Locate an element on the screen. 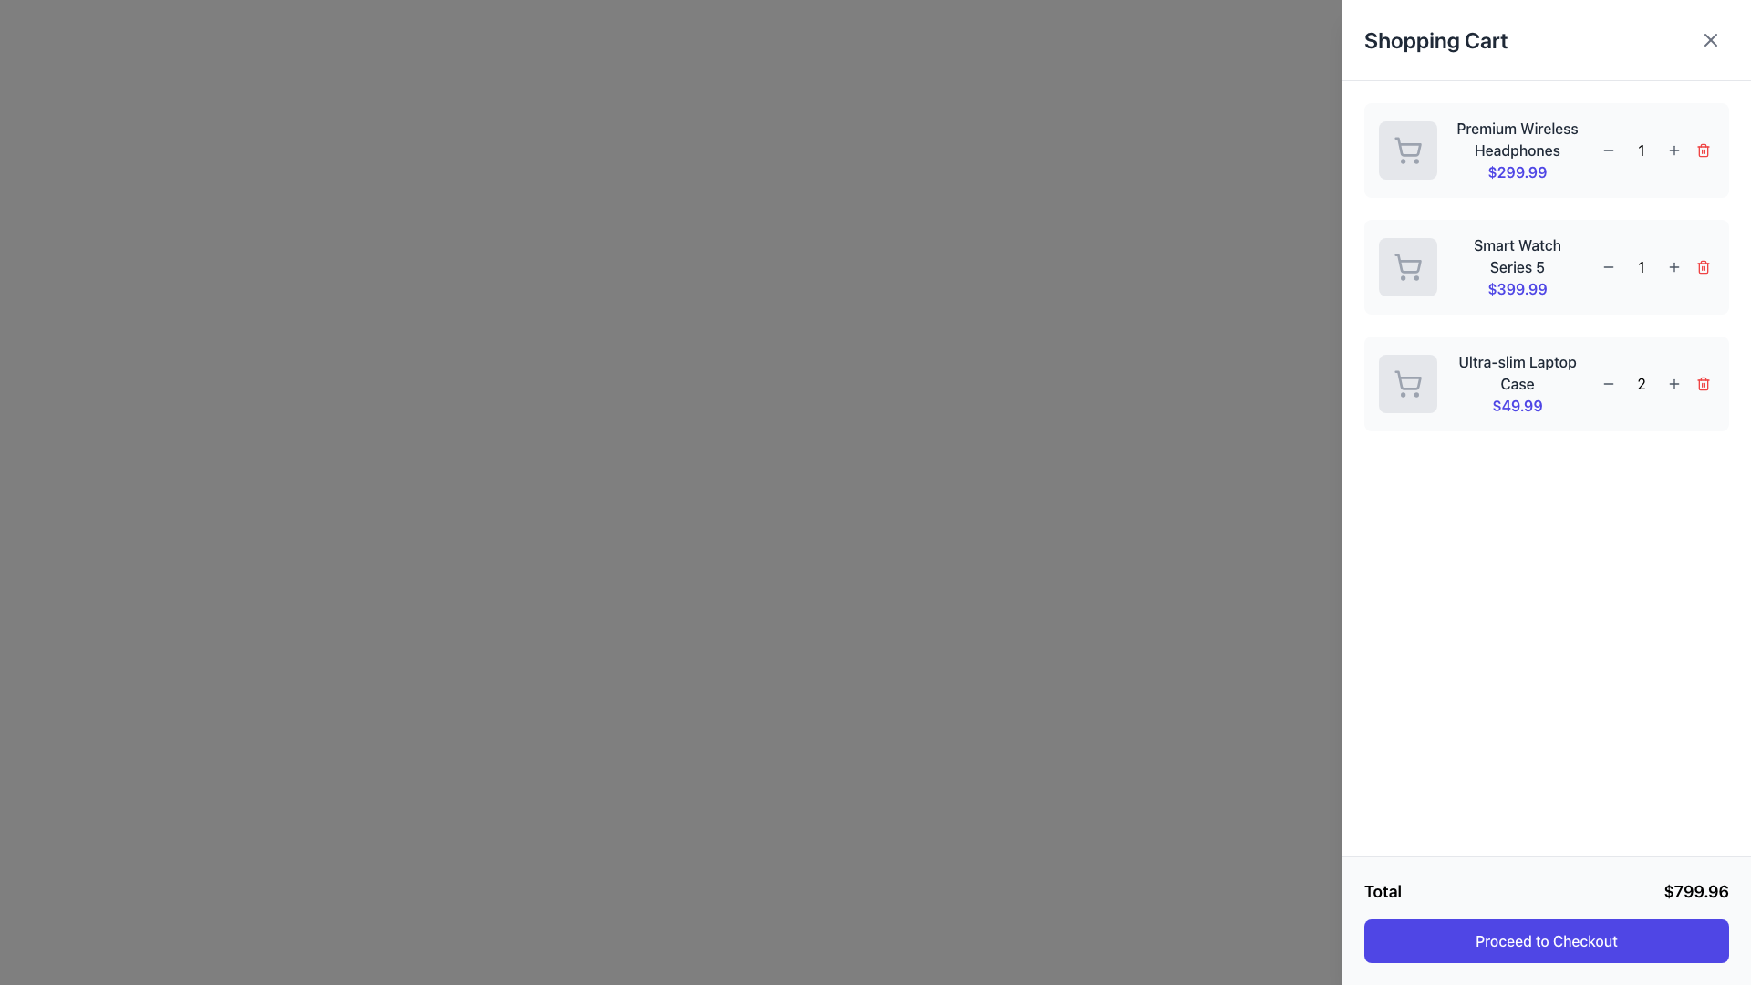 The height and width of the screenshot is (985, 1751). the small circular decrement button with a horizontal bar icon located in the 'Smart Watch Series 5' product section of the shopping cart interface to decrement the quantity is located at coordinates (1608, 267).